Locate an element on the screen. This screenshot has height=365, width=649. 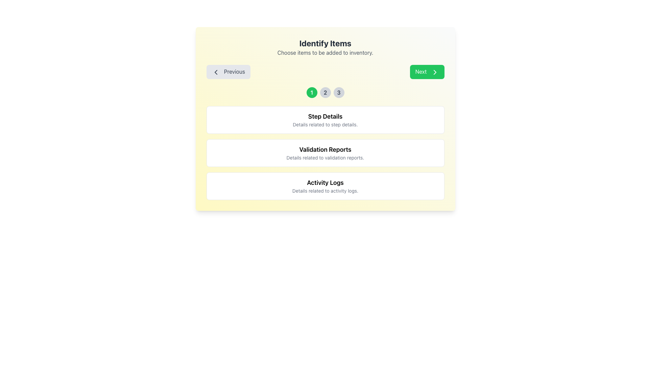
the circular button with a light gray background displaying the number '3' in bold, dark gray font, located at the top area of the interface among three numbered buttons is located at coordinates (339, 92).